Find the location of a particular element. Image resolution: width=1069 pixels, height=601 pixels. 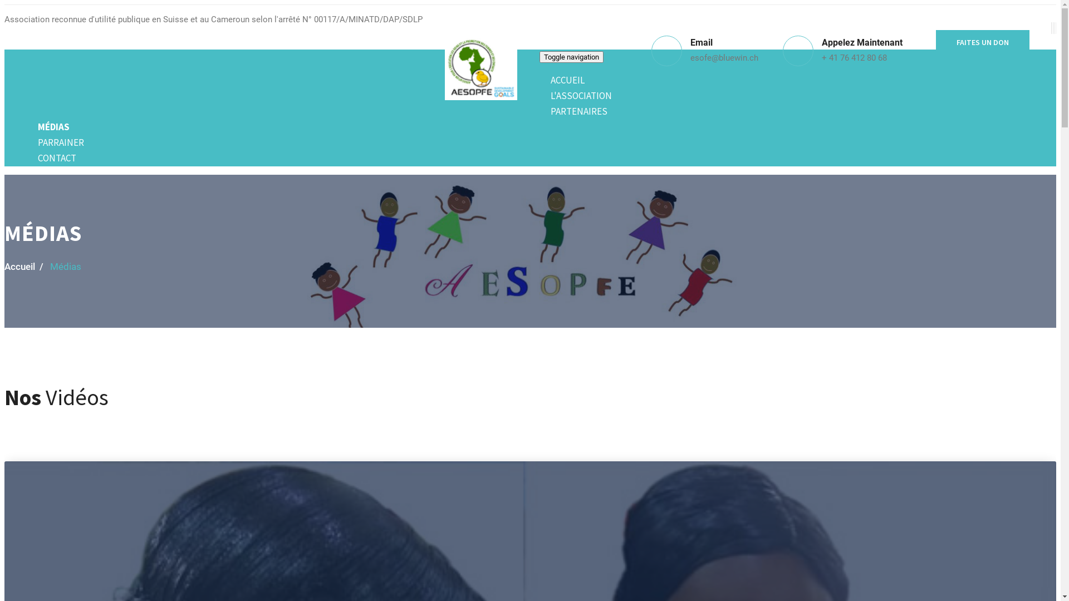

'CONTACT' is located at coordinates (56, 158).